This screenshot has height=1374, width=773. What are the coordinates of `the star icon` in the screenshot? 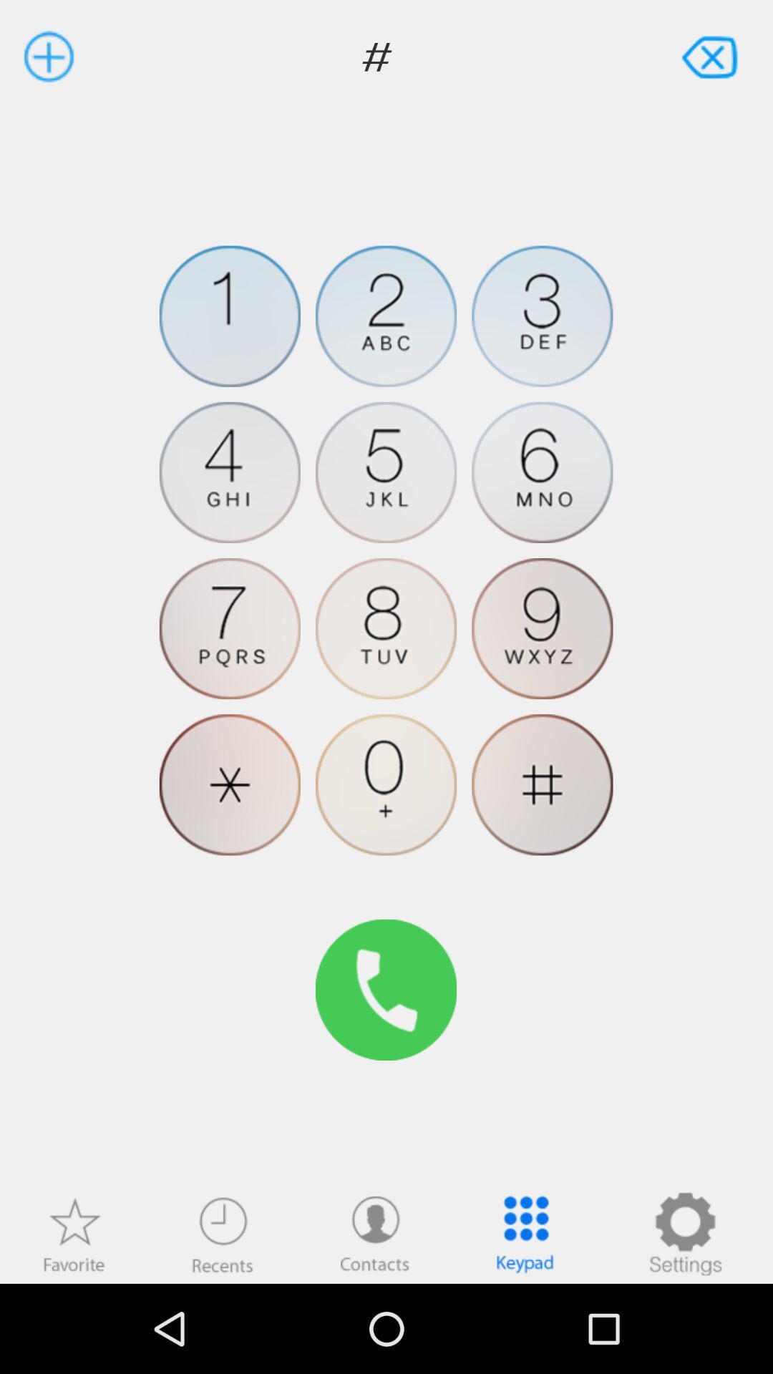 It's located at (74, 1320).